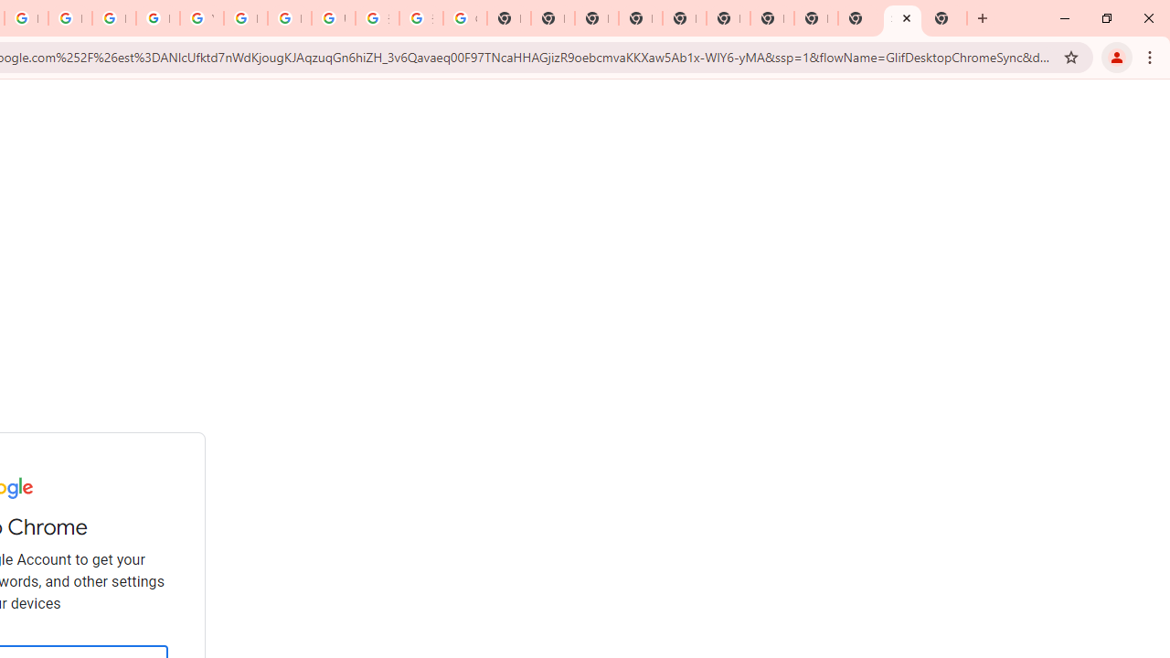 The image size is (1170, 658). I want to click on 'Google Images', so click(464, 18).